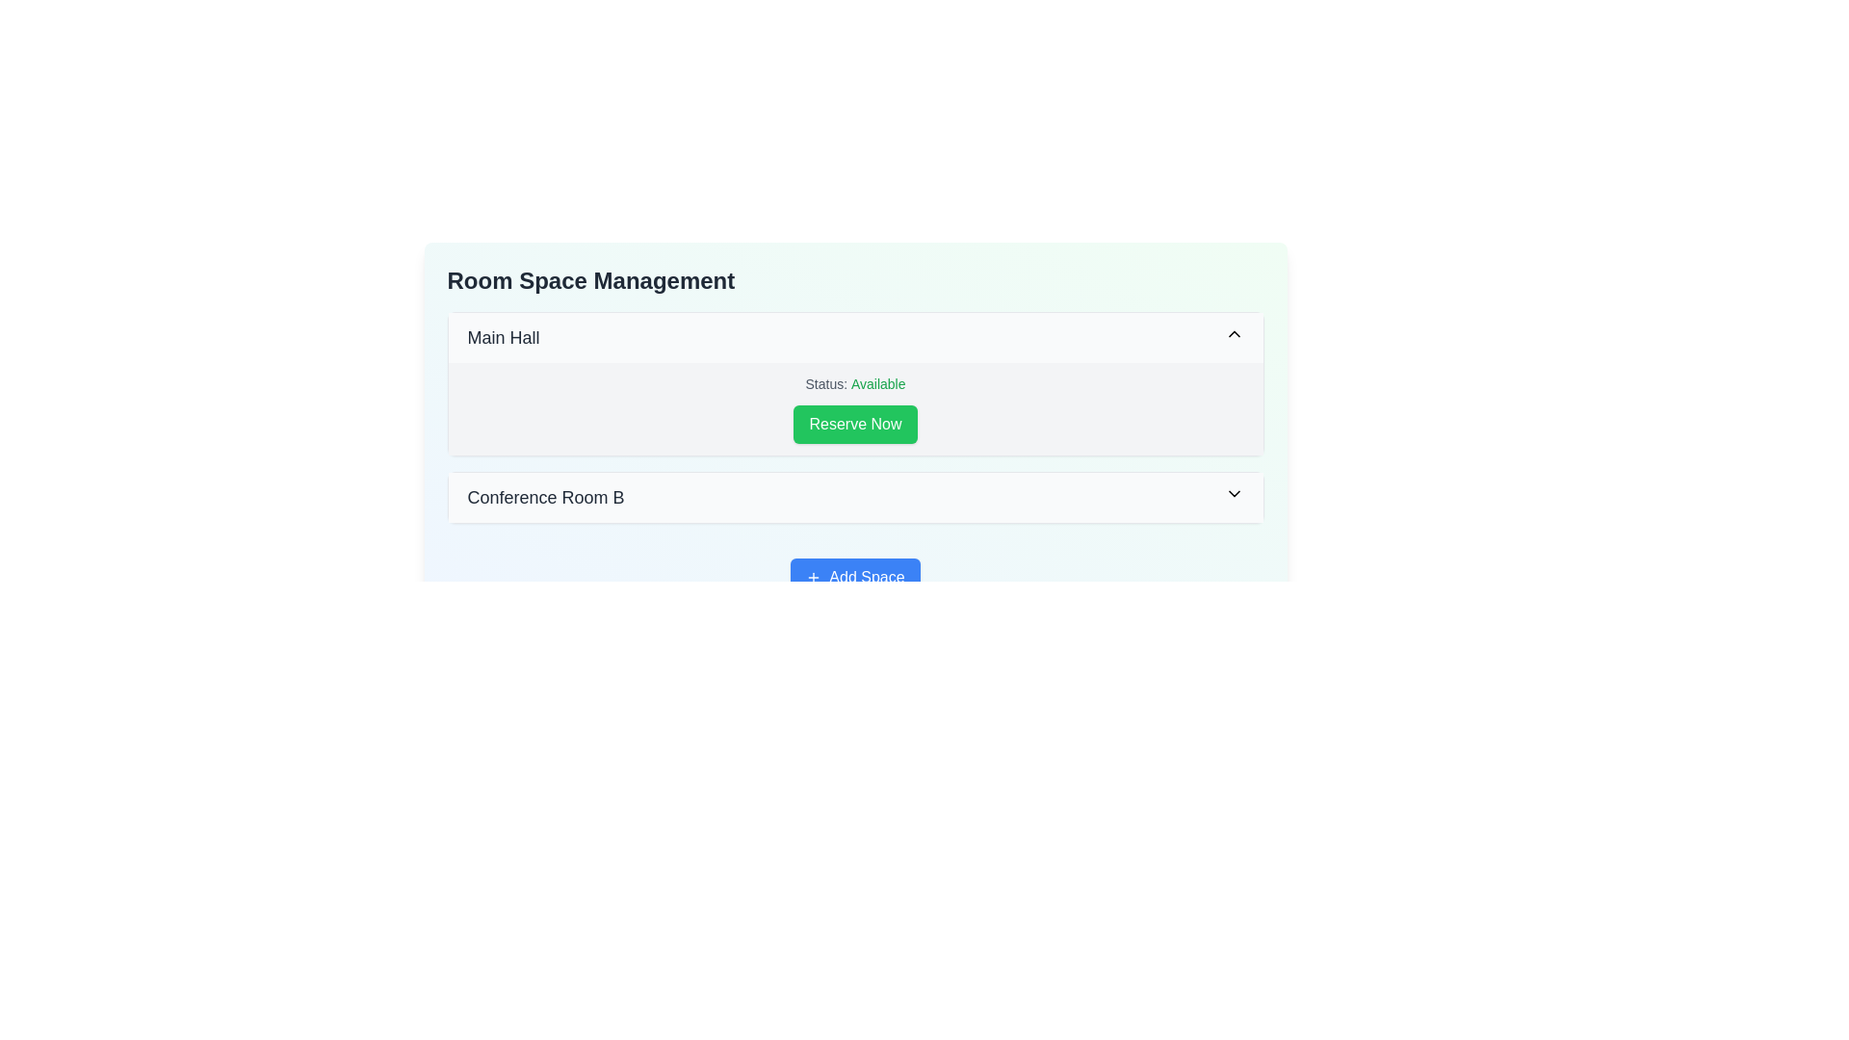 Image resolution: width=1849 pixels, height=1040 pixels. What do you see at coordinates (854, 454) in the screenshot?
I see `the management panel located beneath the 'Room Space Management' heading, which displays room statuses and functionalities` at bounding box center [854, 454].